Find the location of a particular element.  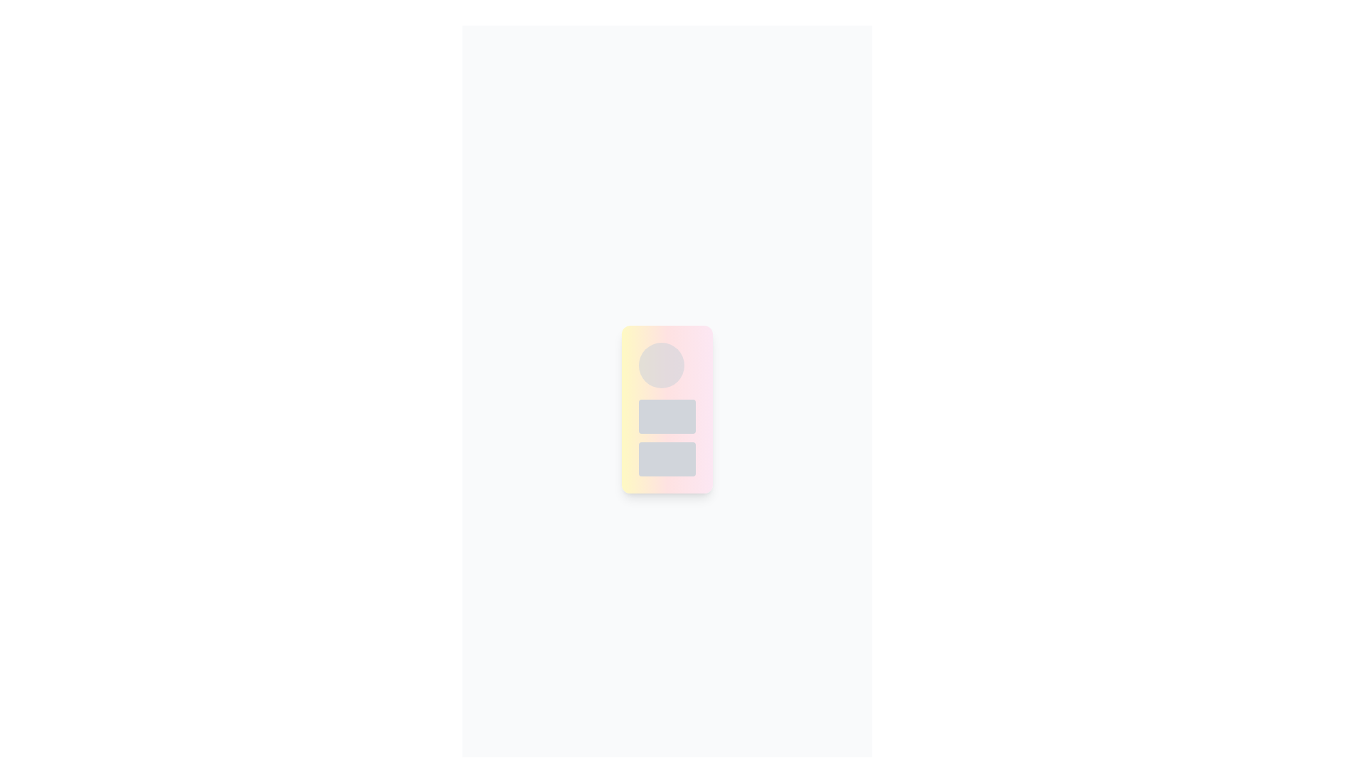

the circular decorative area or image placeholder with a gradient background, positioned at the top of the vertically arranged layout is located at coordinates (666, 364).